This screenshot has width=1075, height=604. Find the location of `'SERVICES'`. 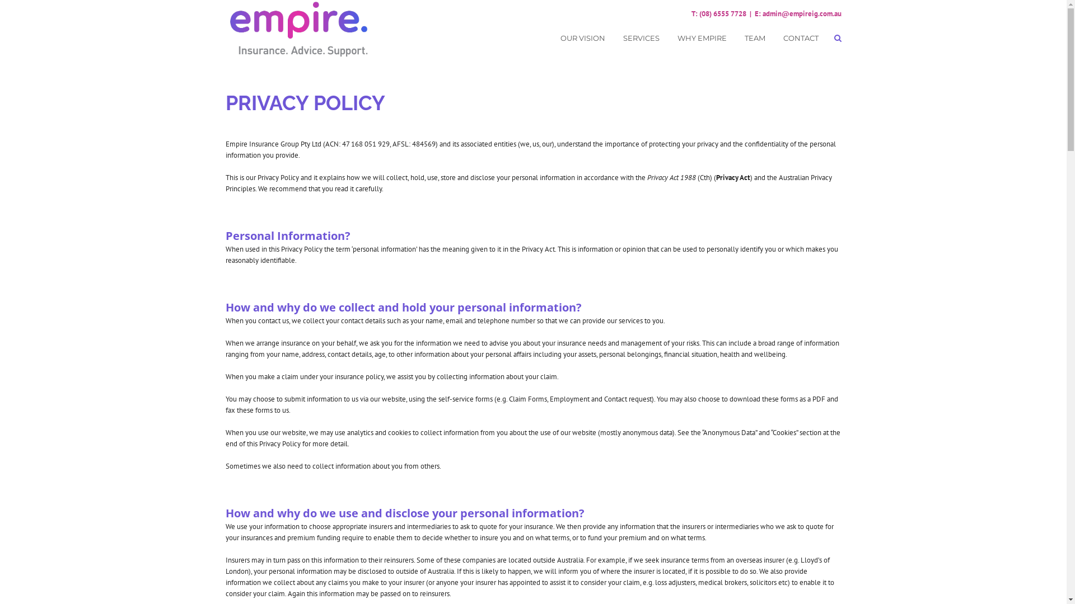

'SERVICES' is located at coordinates (641, 38).